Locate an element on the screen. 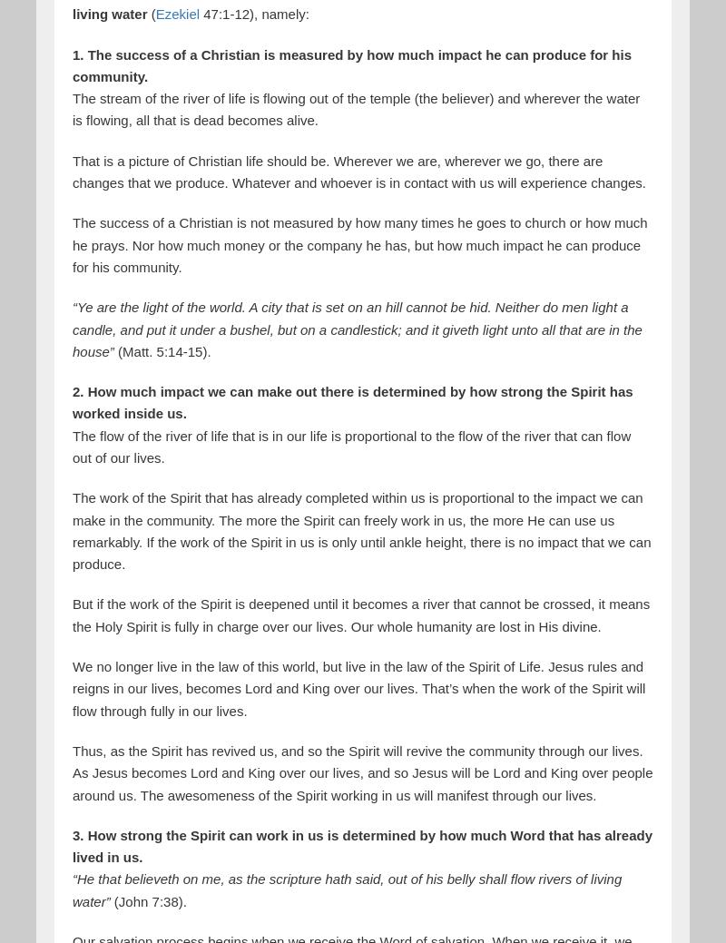  '“He that believeth on me, as the scripture hath said, out of his belly shall flow rivers of living water”' is located at coordinates (346, 889).